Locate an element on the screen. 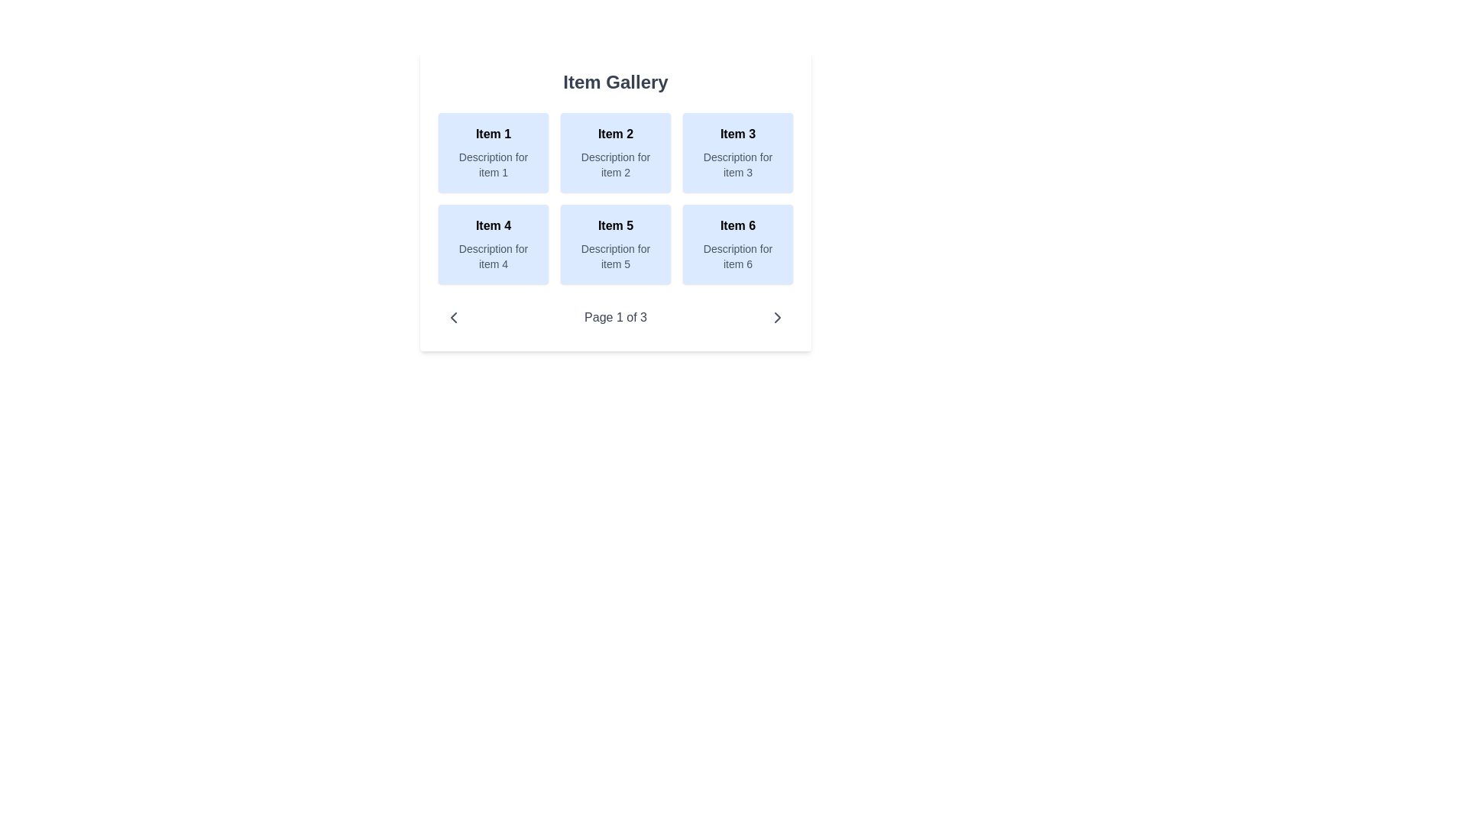 The width and height of the screenshot is (1467, 825). the text label displaying 'Description for item 2', which is styled with a smaller font size and gray color, located below 'Item 2' in the second column of a 3x2 grid layout is located at coordinates (616, 165).